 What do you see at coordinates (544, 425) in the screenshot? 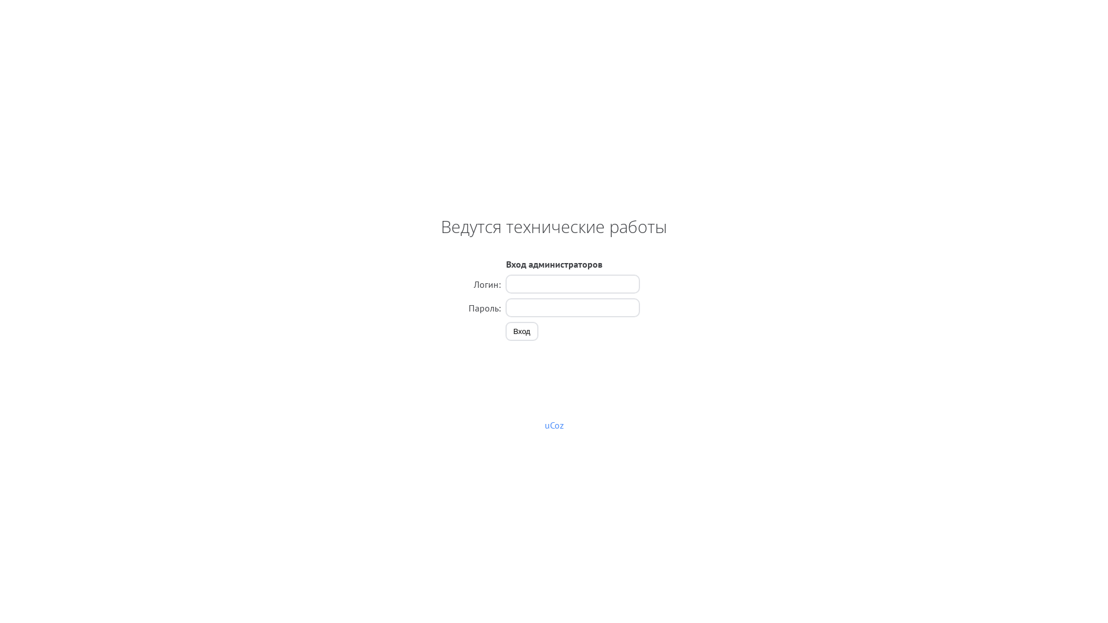
I see `'uCoz'` at bounding box center [544, 425].